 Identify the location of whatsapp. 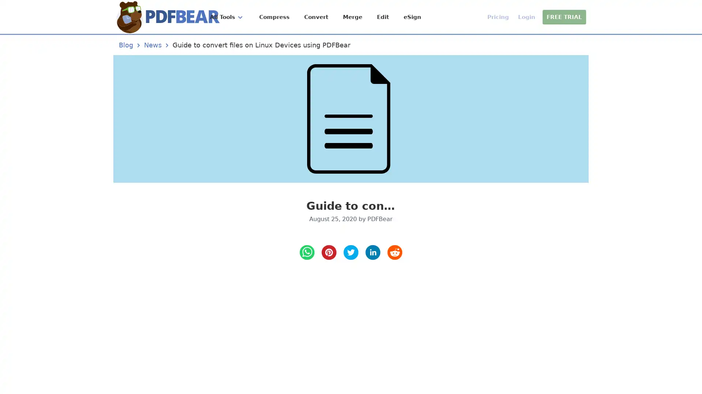
(307, 252).